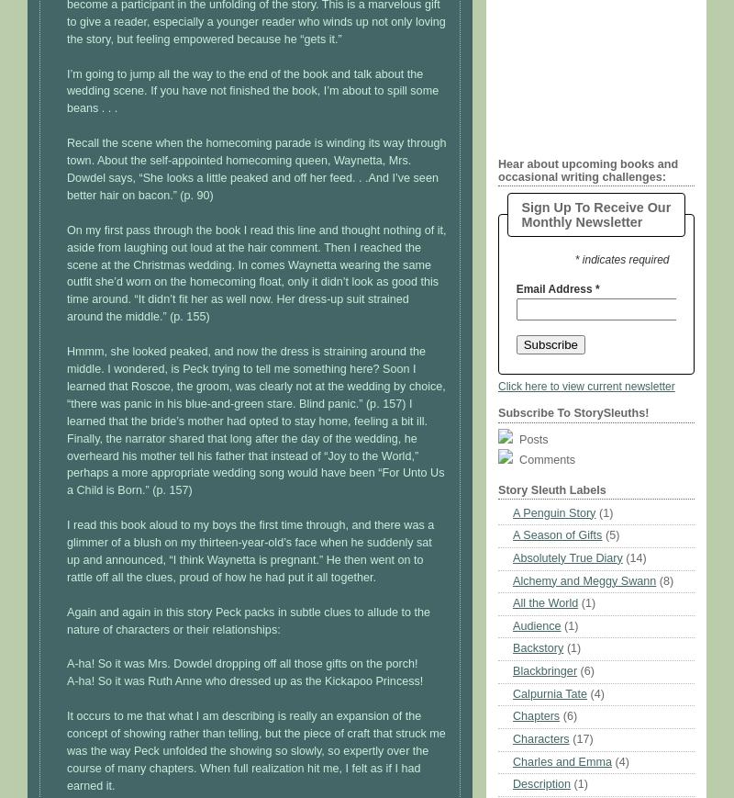 This screenshot has width=734, height=798. I want to click on 'Audience', so click(535, 625).